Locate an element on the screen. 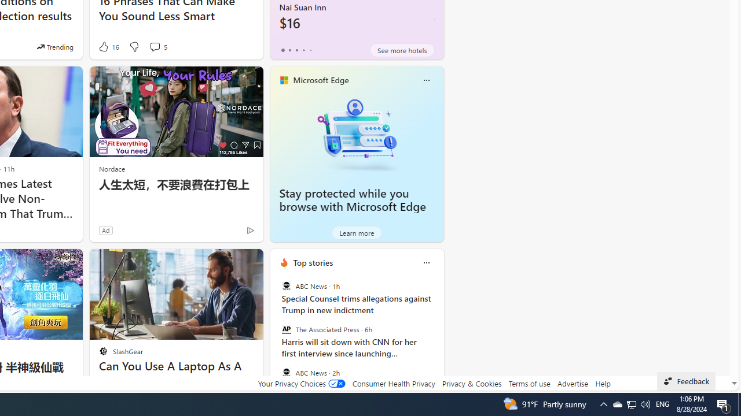 The height and width of the screenshot is (416, 741). 'Terms of use' is located at coordinates (529, 383).